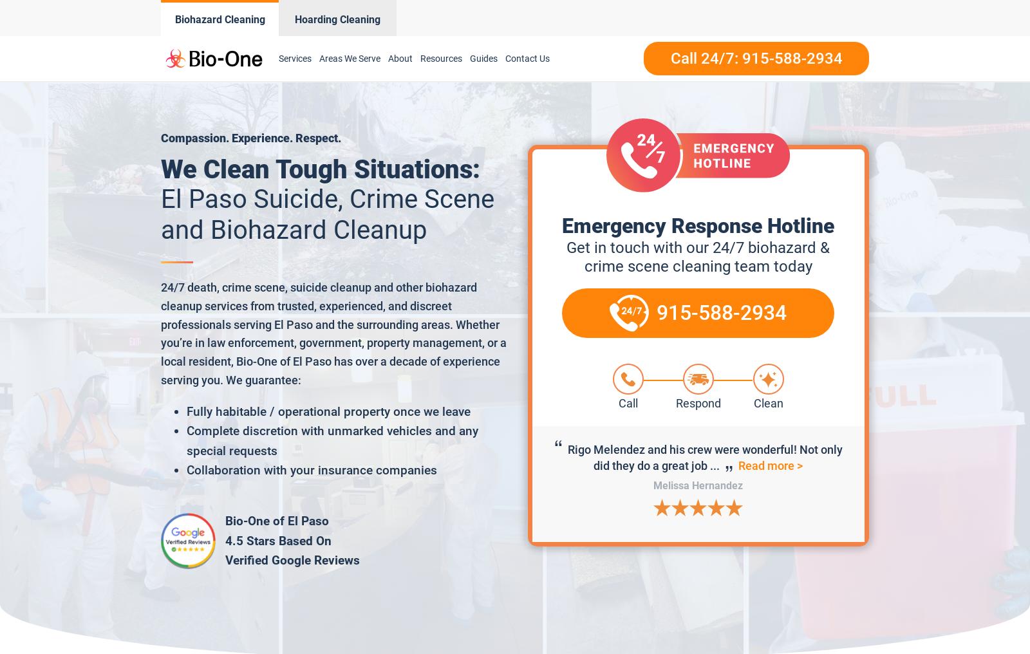 This screenshot has width=1030, height=654. Describe the element at coordinates (527, 58) in the screenshot. I see `'Contact Us'` at that location.